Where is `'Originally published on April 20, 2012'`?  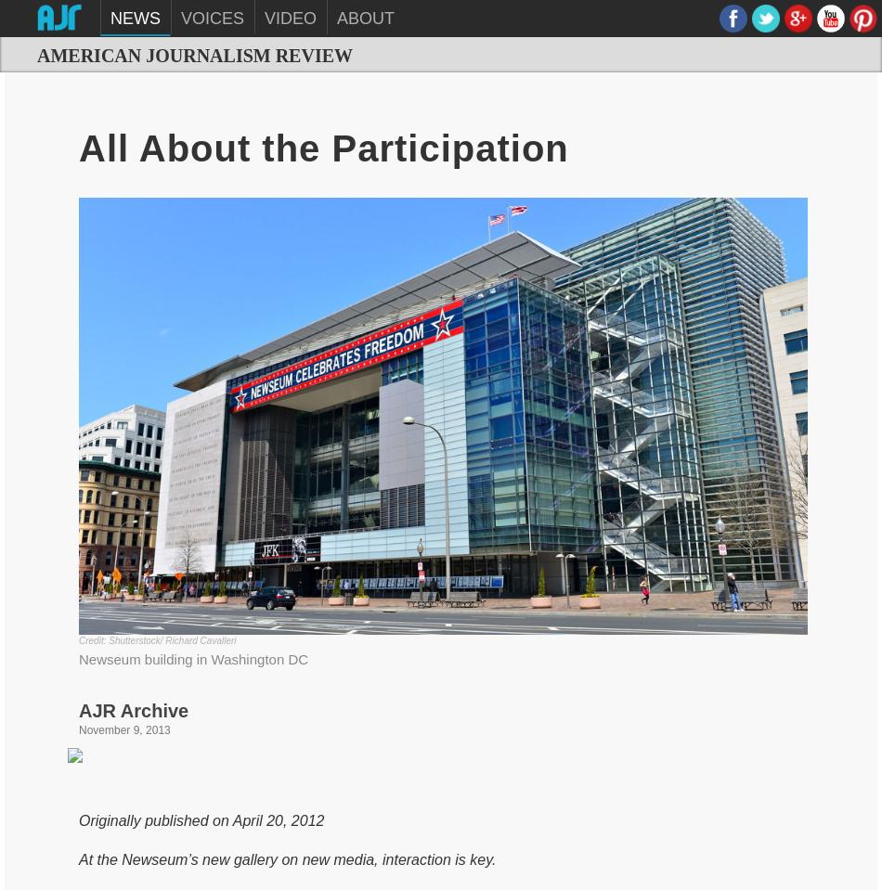 'Originally published on April 20, 2012' is located at coordinates (201, 819).